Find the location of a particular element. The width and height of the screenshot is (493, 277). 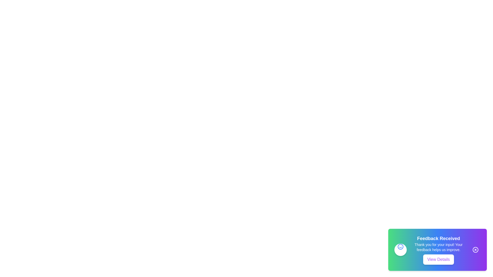

the smiley icon in the feedback snackbar is located at coordinates (400, 246).